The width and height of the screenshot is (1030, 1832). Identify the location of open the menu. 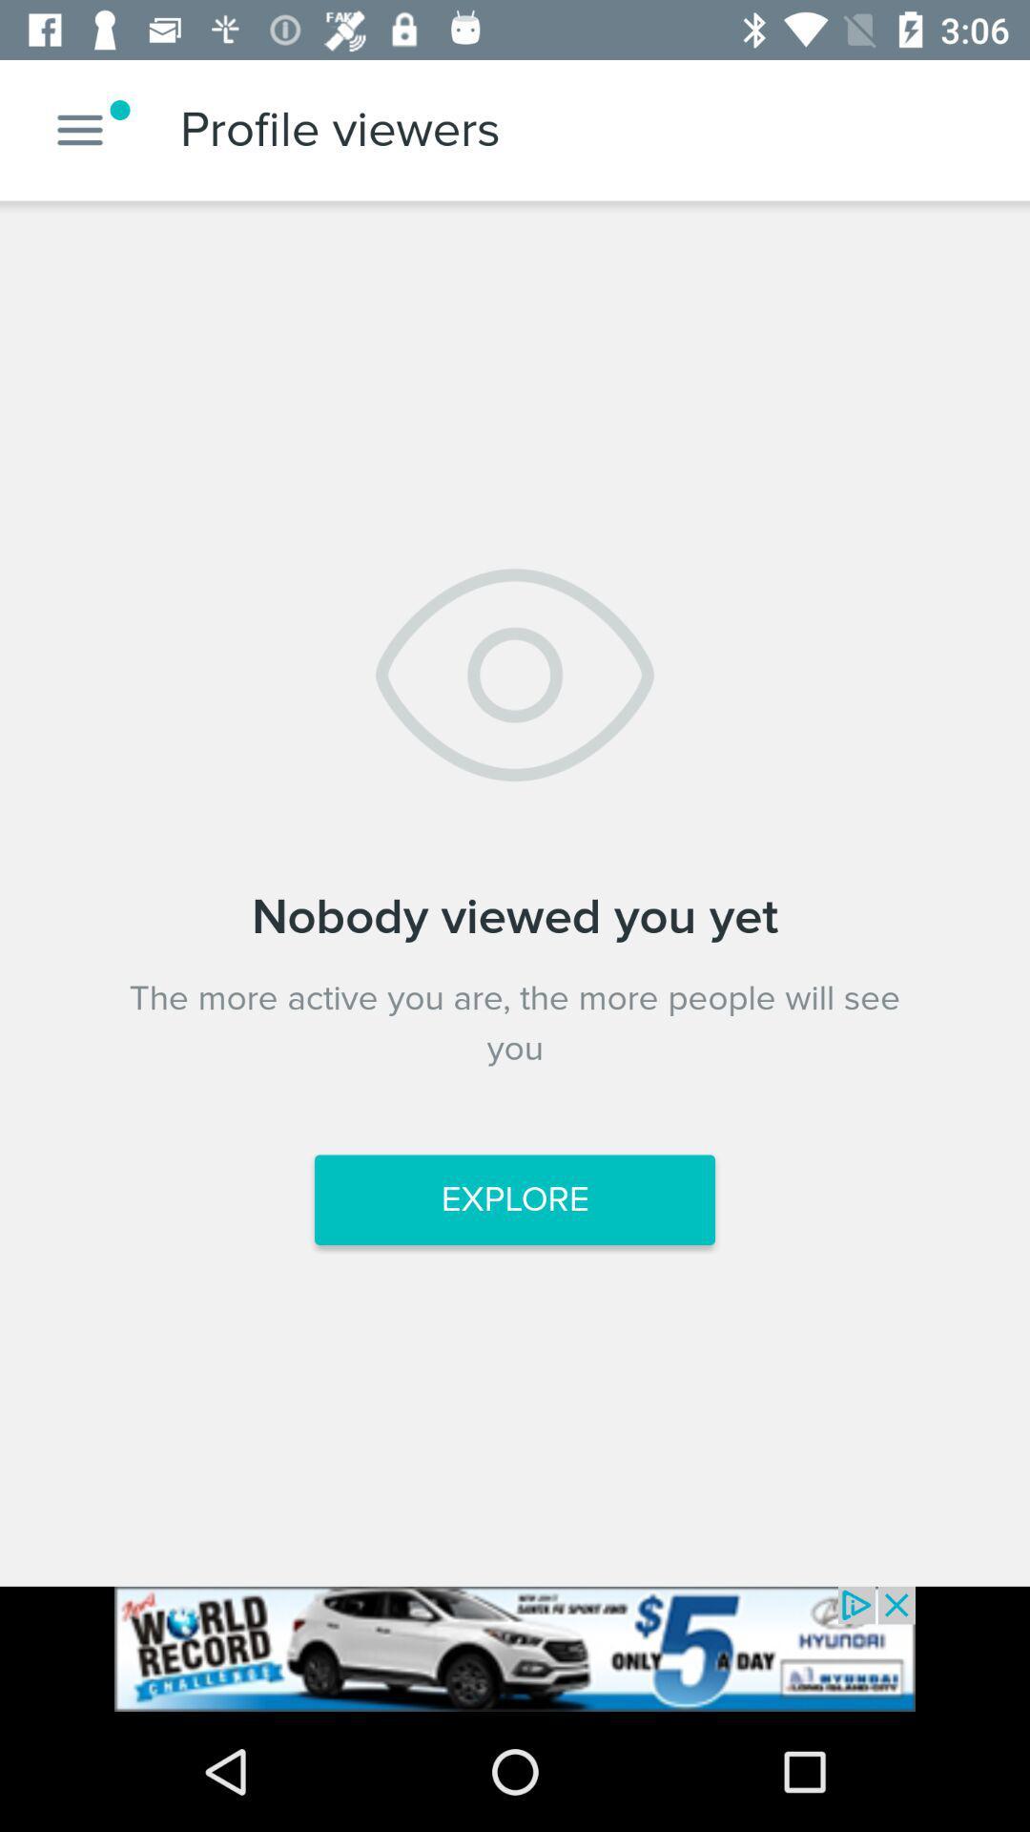
(79, 129).